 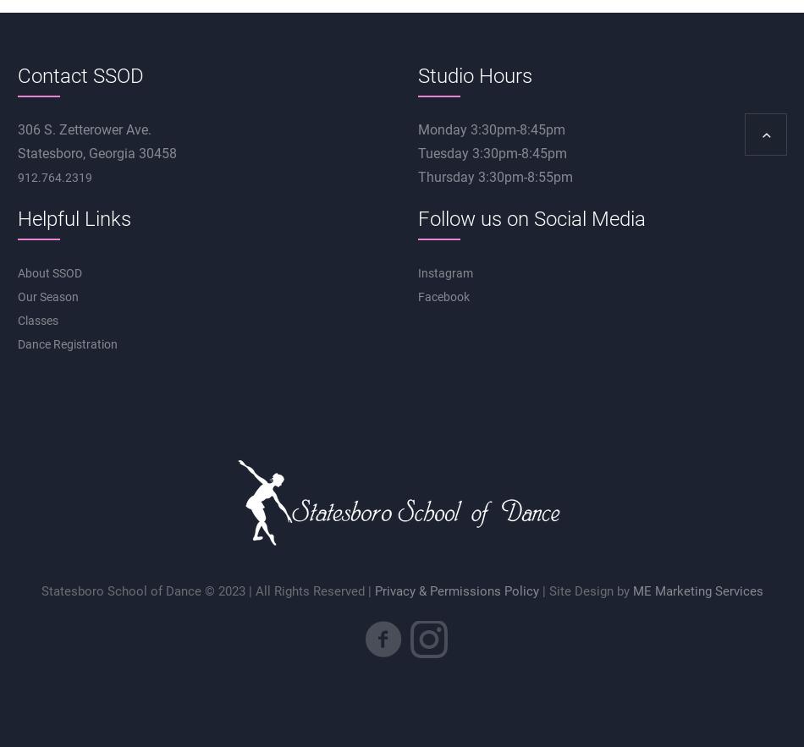 I want to click on 'Statesboro School of Dance © 2023 | All Rights Reserved |', so click(x=207, y=590).